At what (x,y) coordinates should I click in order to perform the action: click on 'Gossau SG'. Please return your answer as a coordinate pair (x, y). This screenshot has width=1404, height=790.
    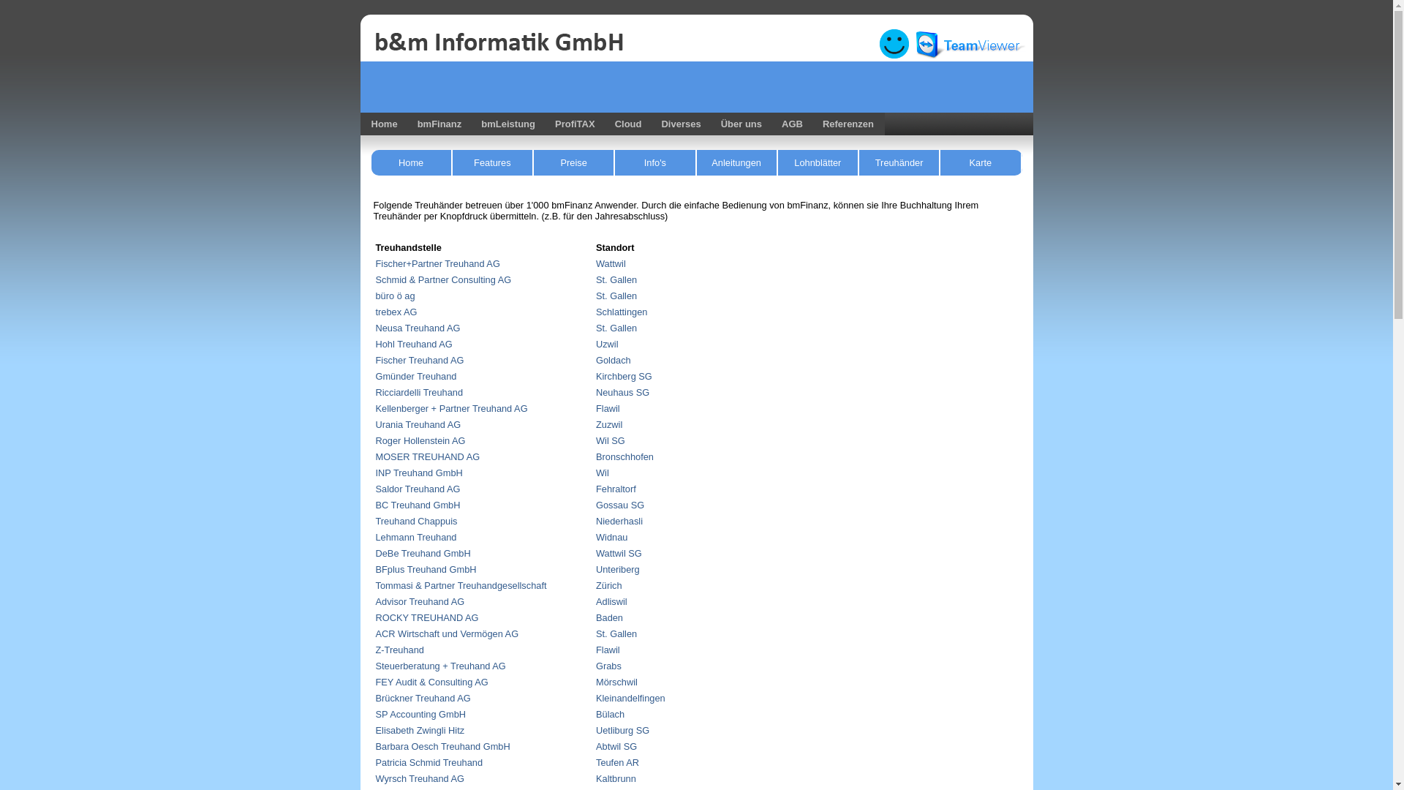
    Looking at the image, I should click on (620, 504).